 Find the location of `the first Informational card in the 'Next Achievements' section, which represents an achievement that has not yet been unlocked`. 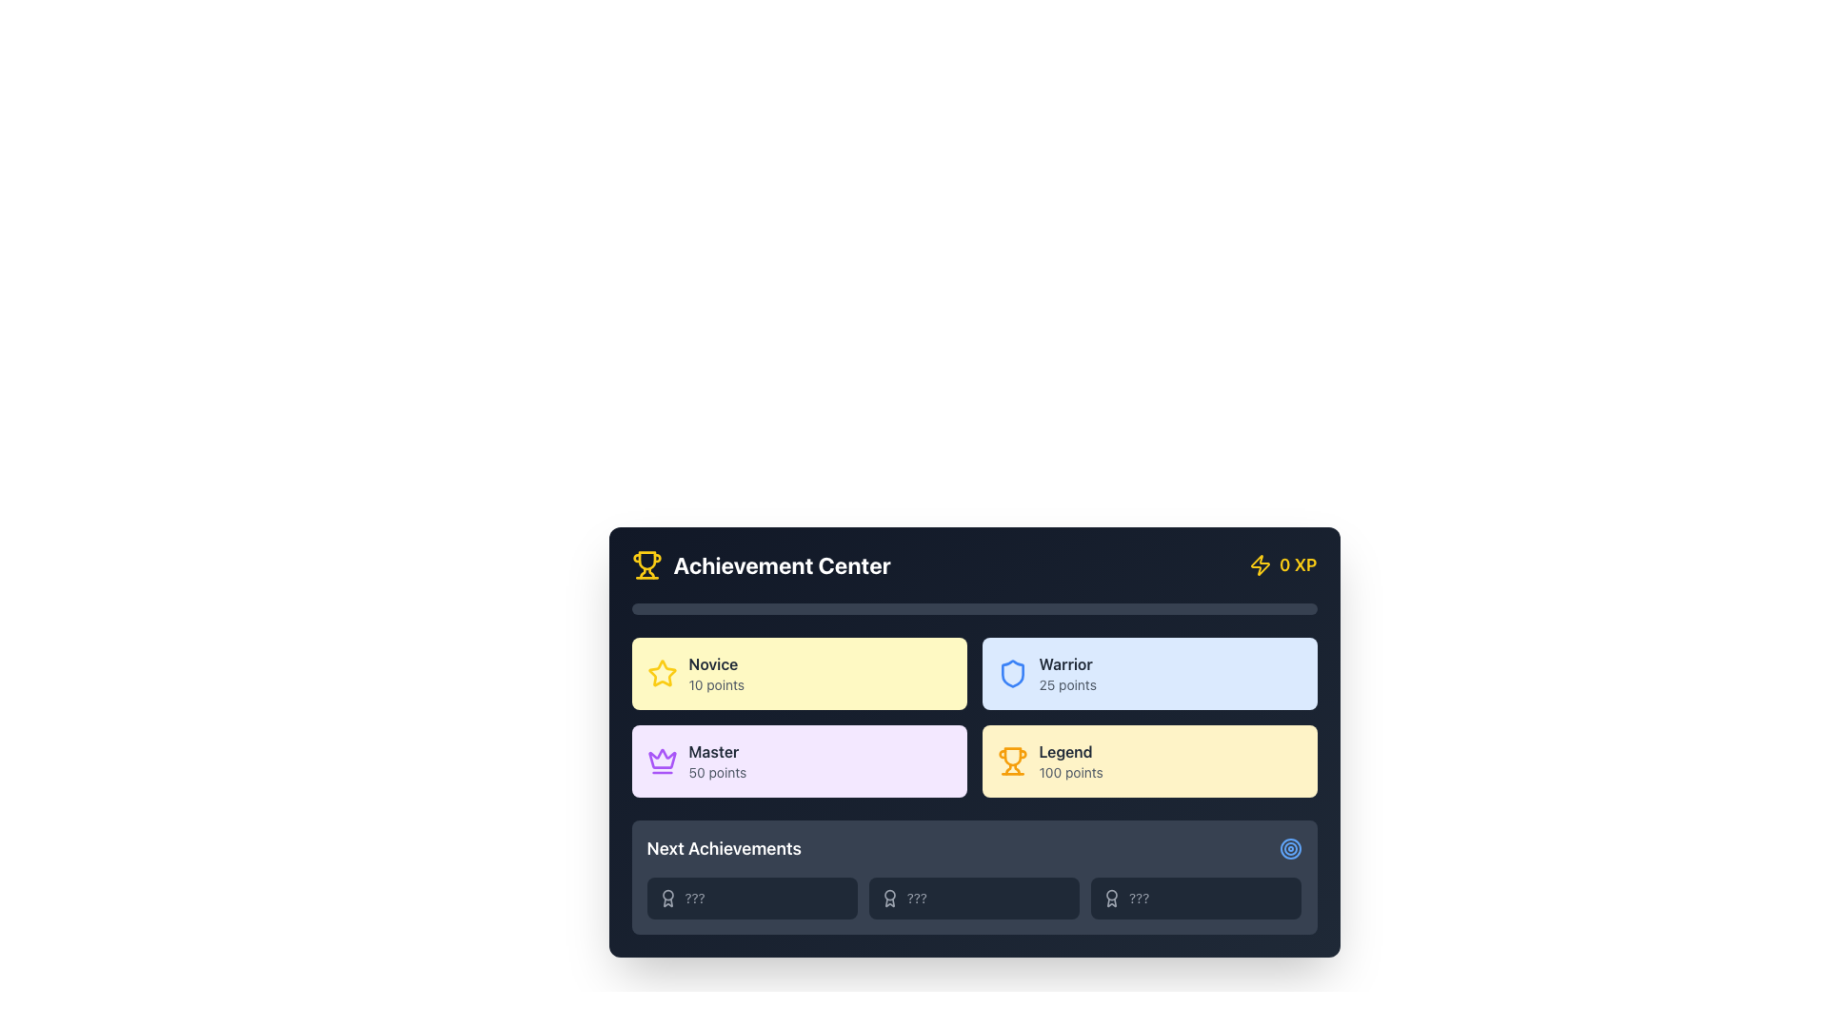

the first Informational card in the 'Next Achievements' section, which represents an achievement that has not yet been unlocked is located at coordinates (751, 899).